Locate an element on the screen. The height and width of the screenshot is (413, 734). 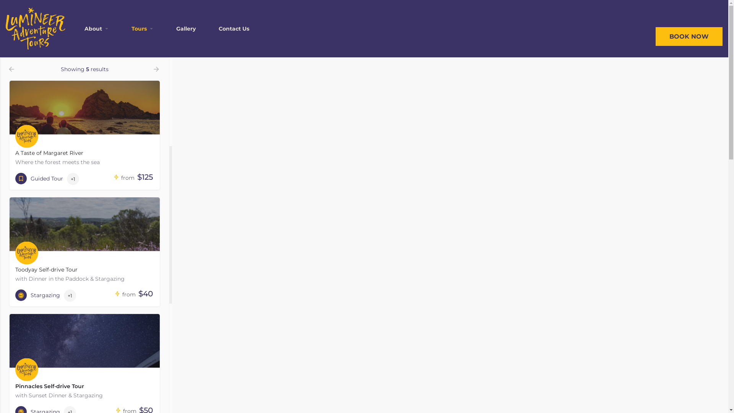
'Contact Us' is located at coordinates (218, 28).